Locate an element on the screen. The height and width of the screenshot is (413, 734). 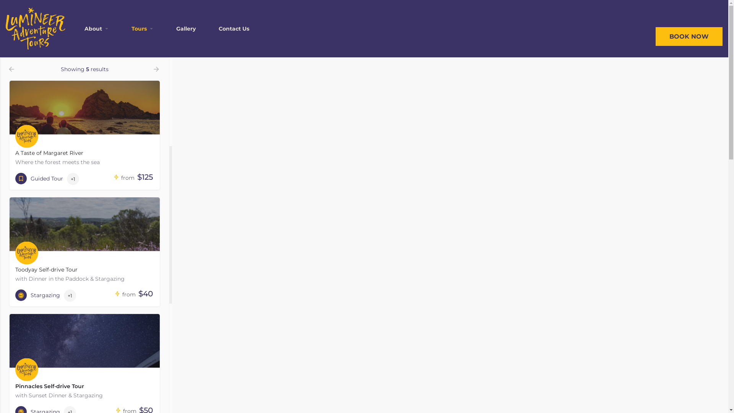
'Contact Us' is located at coordinates (218, 28).